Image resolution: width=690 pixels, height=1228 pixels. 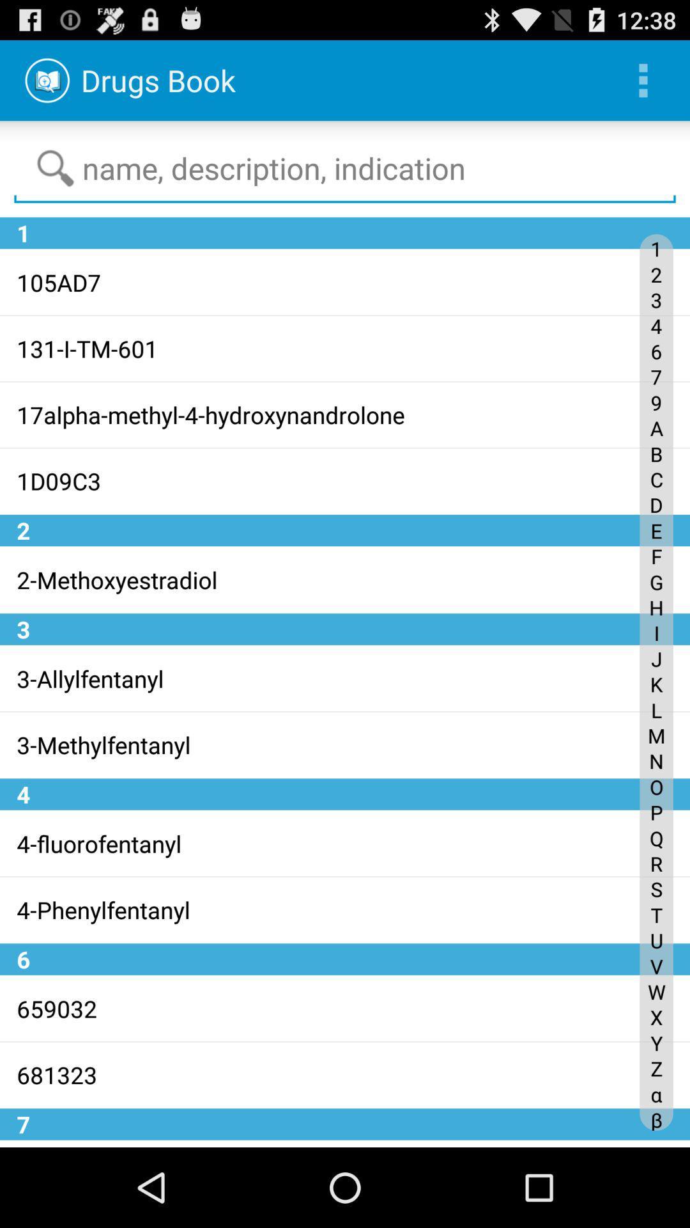 I want to click on the text field on the web page, so click(x=345, y=168).